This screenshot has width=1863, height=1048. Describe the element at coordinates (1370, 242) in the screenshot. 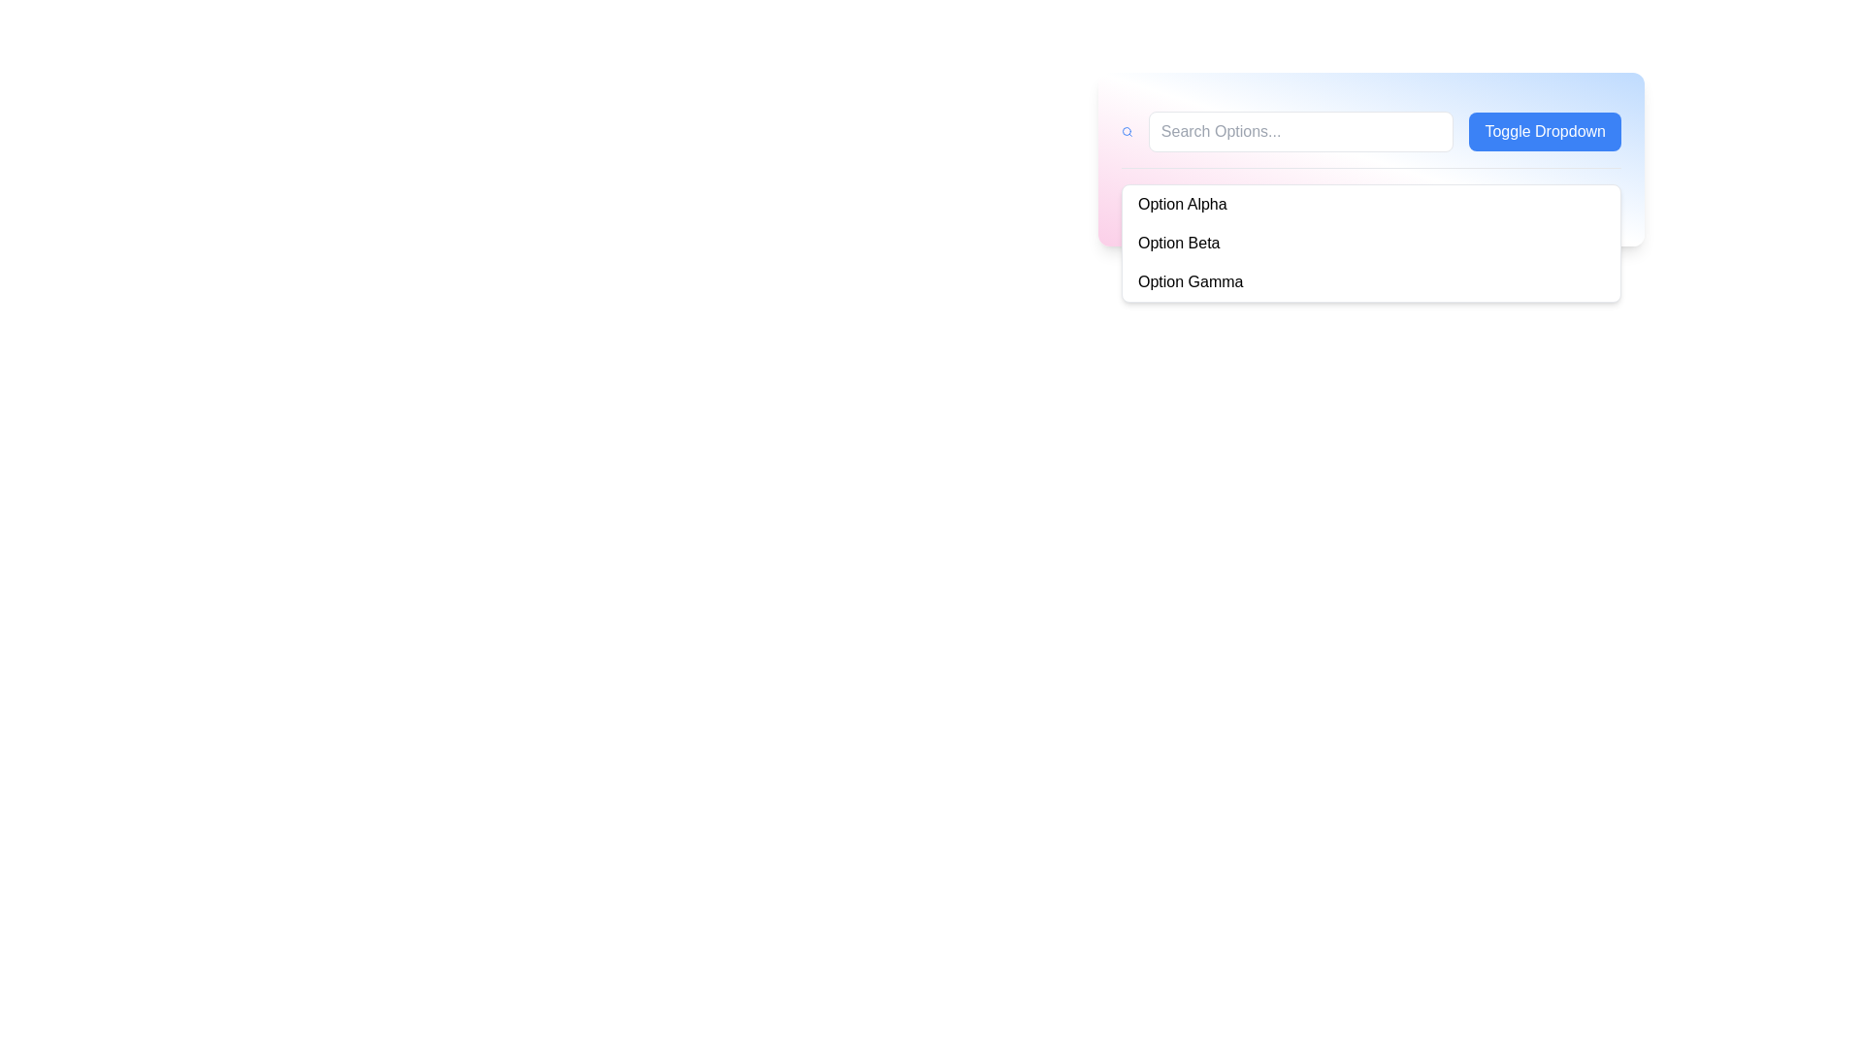

I see `the second option in the dropdown menu that allows users to select 'Option Beta', which is positioned below 'Option Alpha' and above 'Option Gamma'` at that location.